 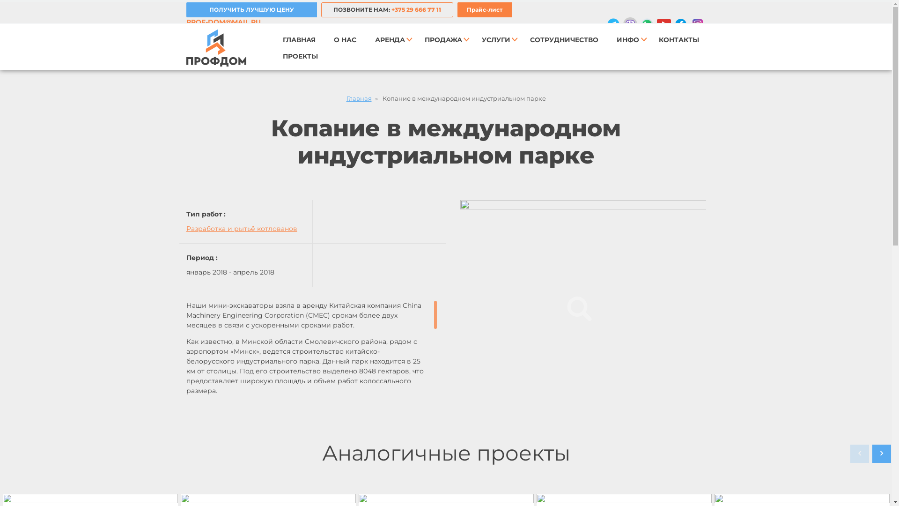 I want to click on '+375 29 666 77 11', so click(x=415, y=9).